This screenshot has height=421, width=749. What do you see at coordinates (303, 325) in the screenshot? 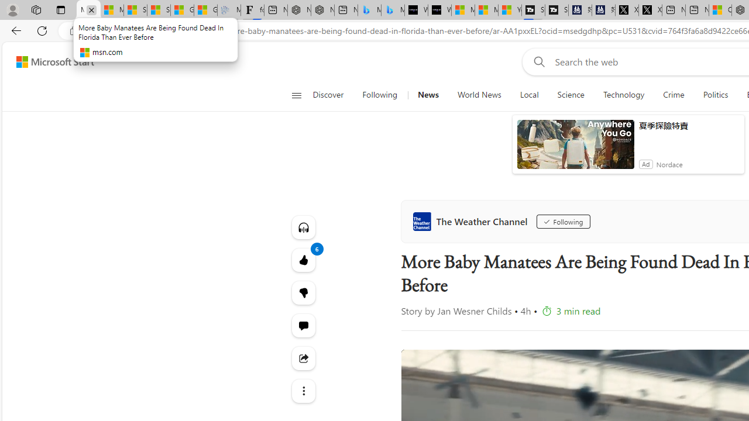
I see `'Start the conversation'` at bounding box center [303, 325].